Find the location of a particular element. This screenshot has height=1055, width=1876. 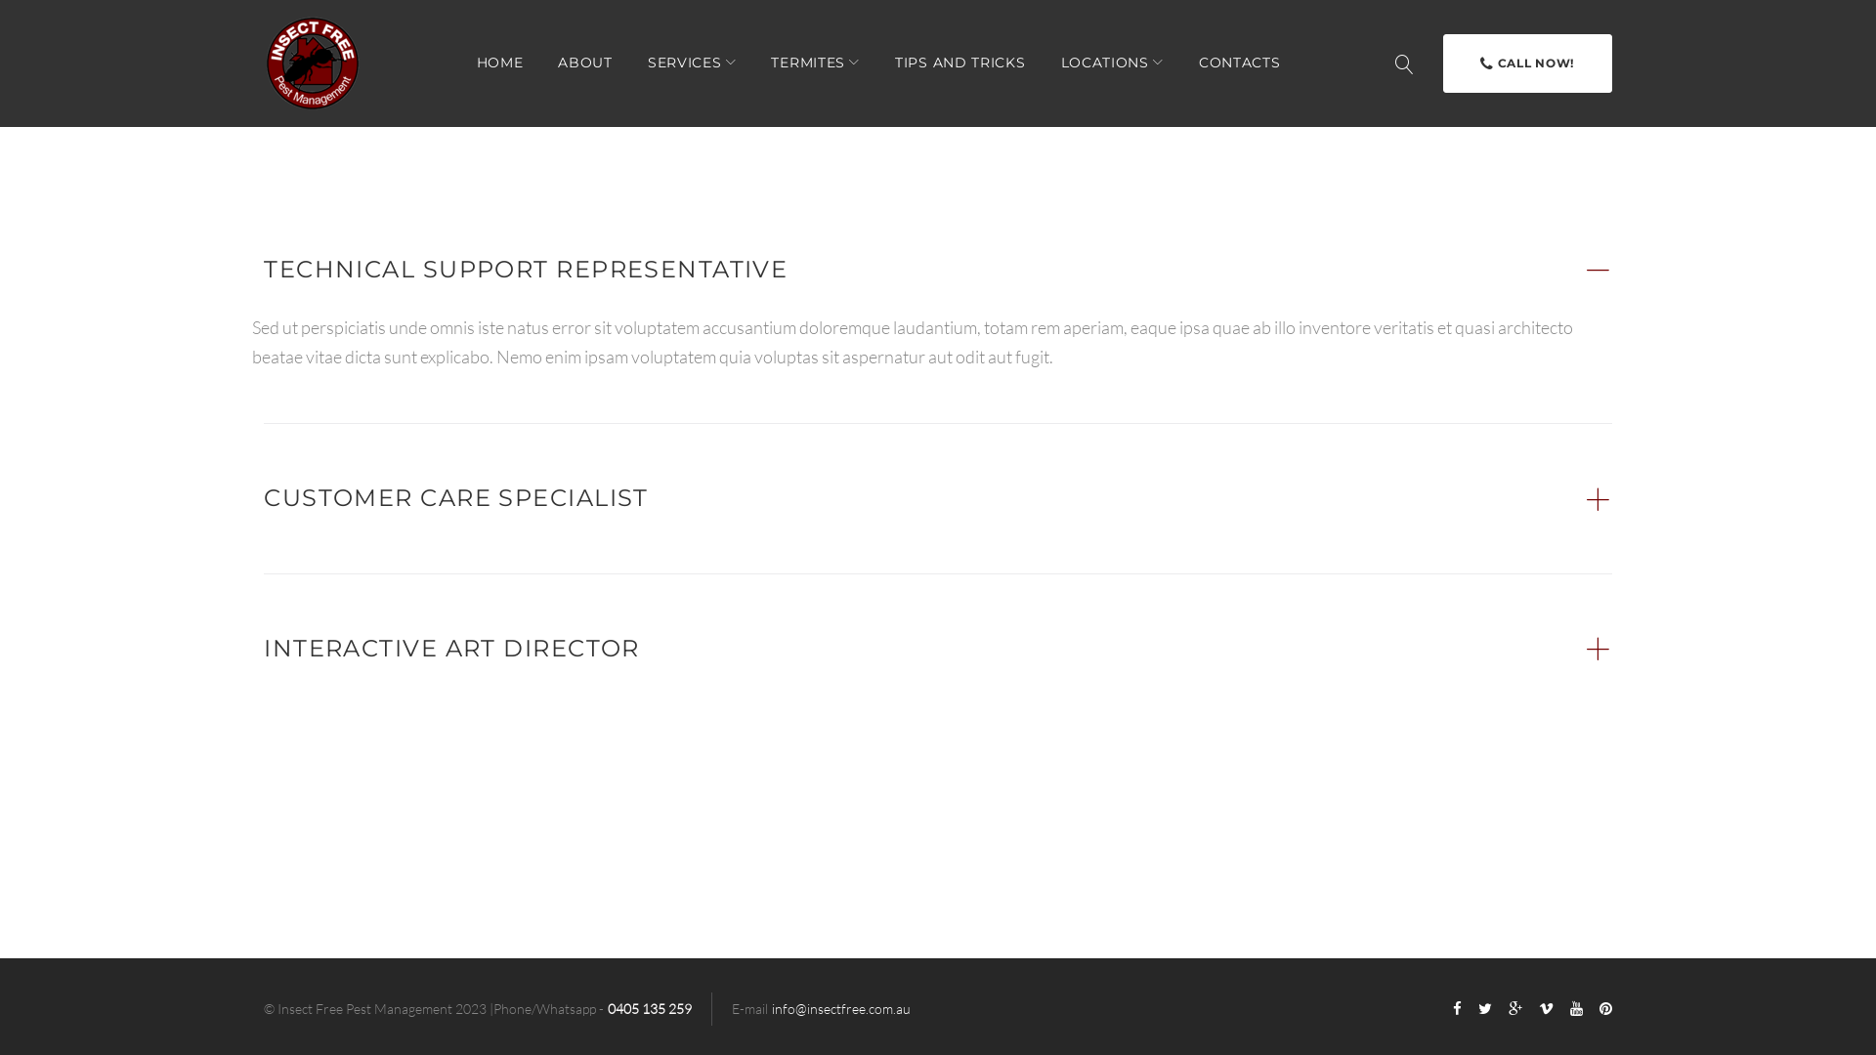

'info@insectfree.com.au' is located at coordinates (771, 1009).